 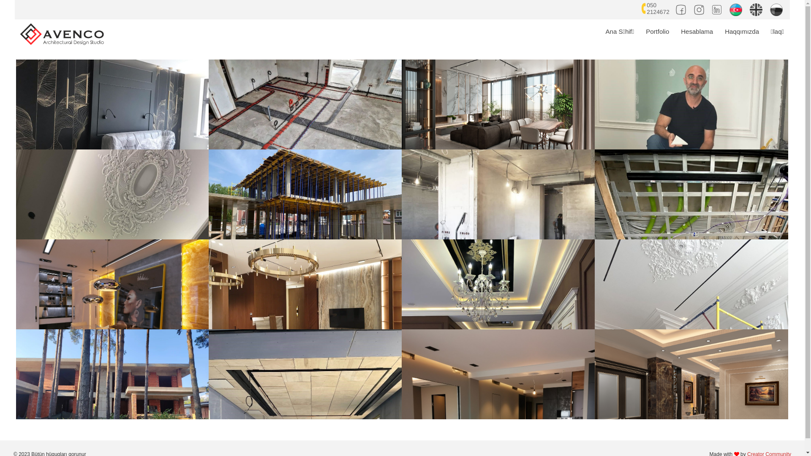 What do you see at coordinates (729, 8) in the screenshot?
I see `'Lang-Azerbaijani'` at bounding box center [729, 8].